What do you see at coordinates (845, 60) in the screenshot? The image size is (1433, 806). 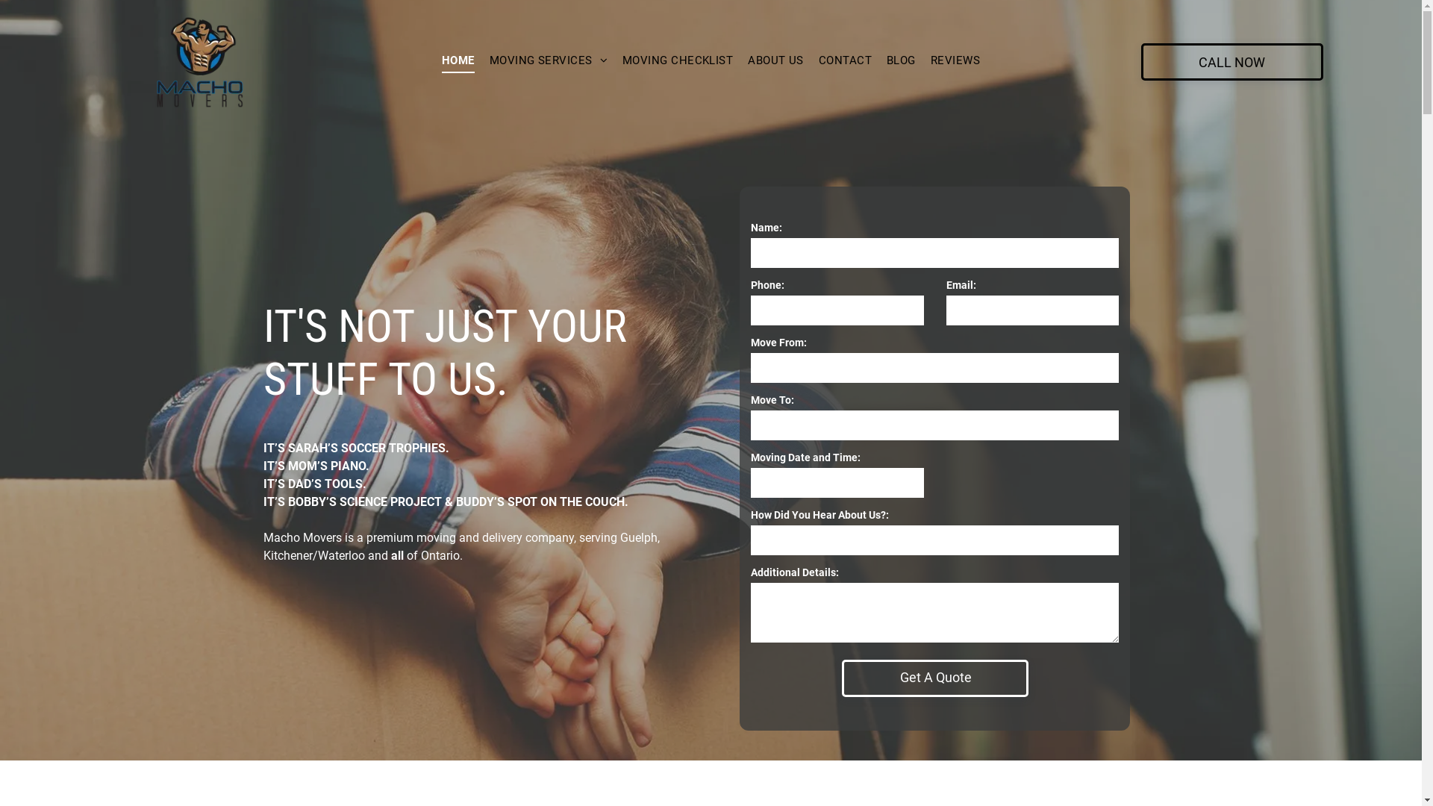 I see `'CONTACT'` at bounding box center [845, 60].